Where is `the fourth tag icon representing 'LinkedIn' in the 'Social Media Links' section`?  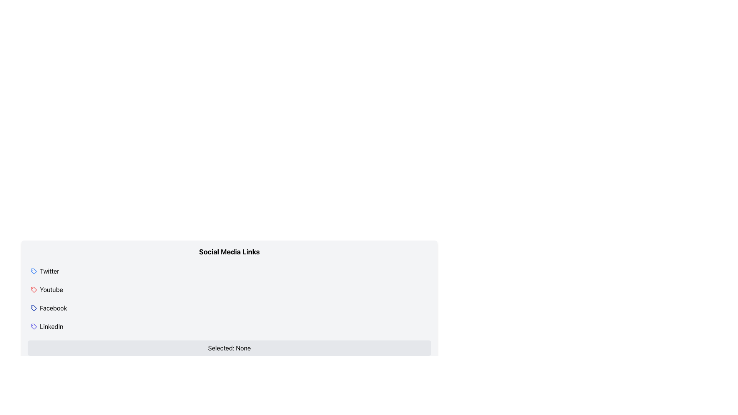
the fourth tag icon representing 'LinkedIn' in the 'Social Media Links' section is located at coordinates (33, 326).